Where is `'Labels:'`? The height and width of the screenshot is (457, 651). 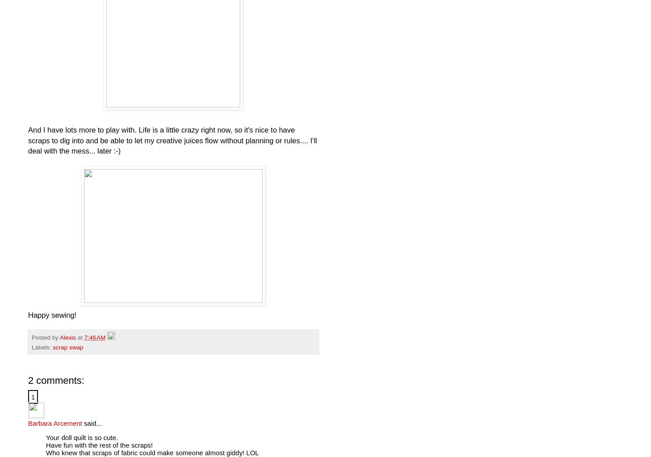 'Labels:' is located at coordinates (42, 347).